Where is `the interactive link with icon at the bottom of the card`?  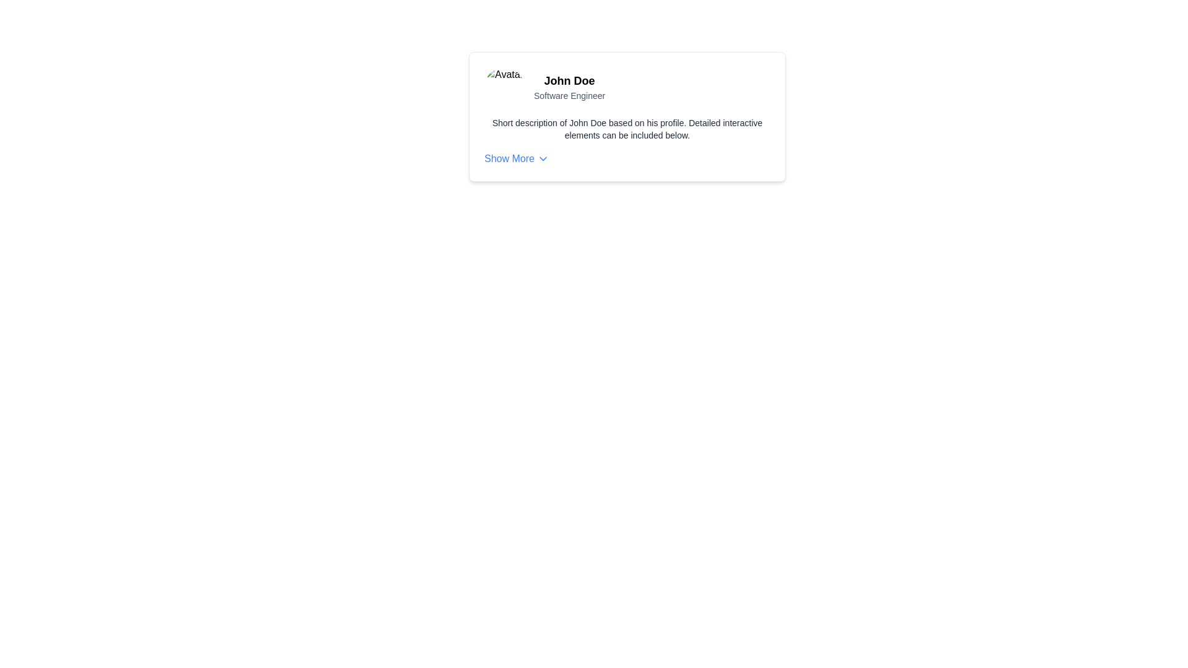 the interactive link with icon at the bottom of the card is located at coordinates (517, 158).